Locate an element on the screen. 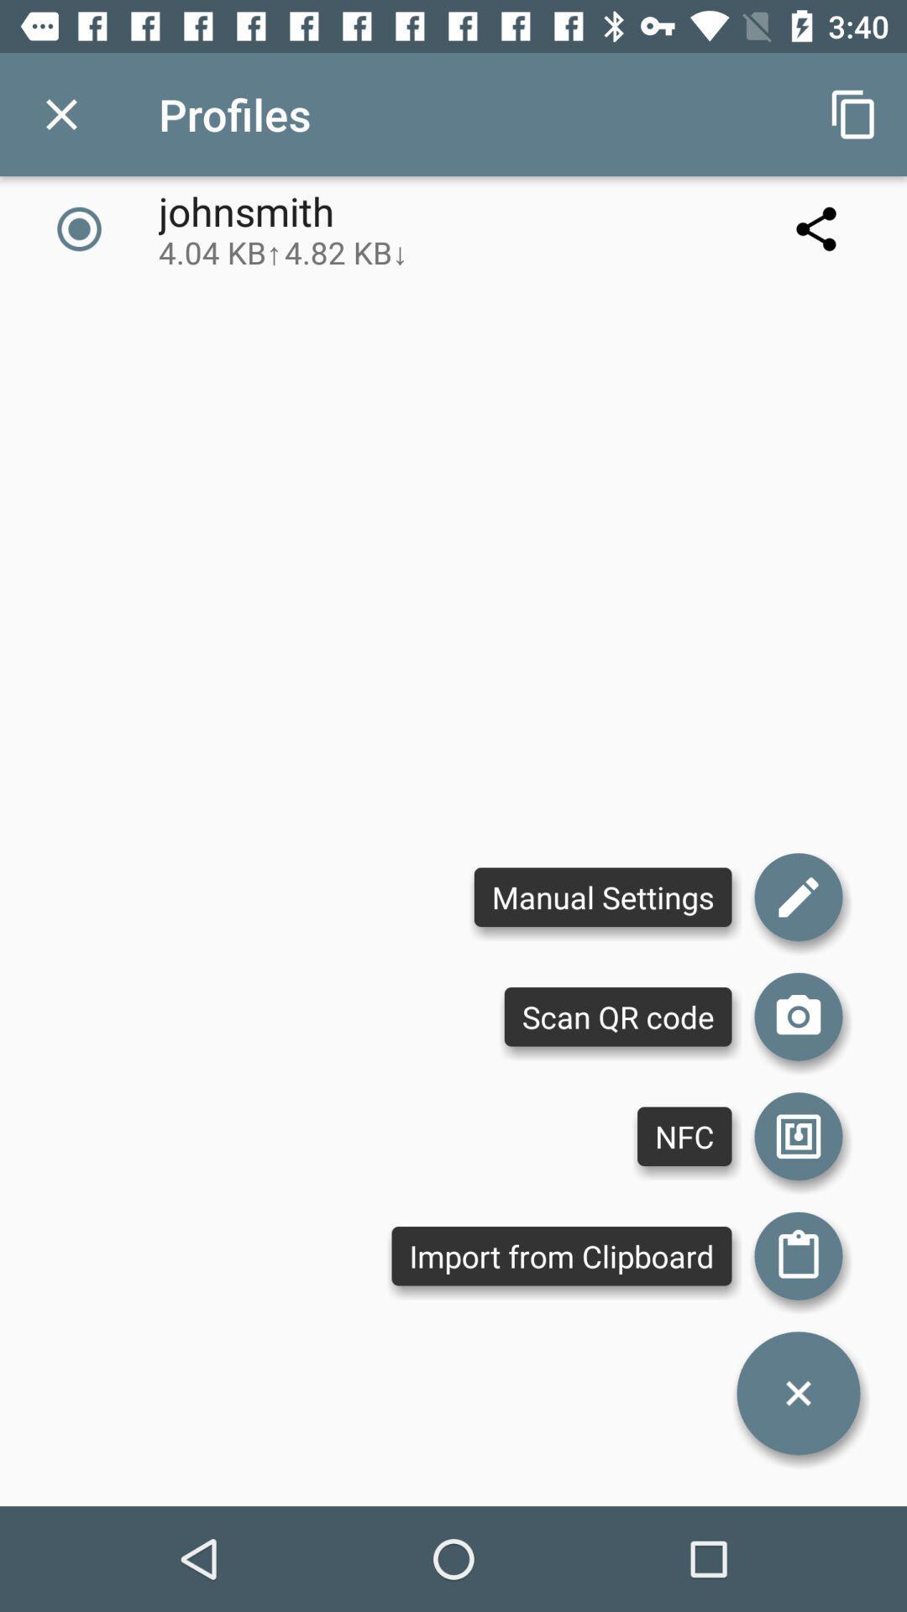 The height and width of the screenshot is (1612, 907). scan qr code is located at coordinates (798, 1016).